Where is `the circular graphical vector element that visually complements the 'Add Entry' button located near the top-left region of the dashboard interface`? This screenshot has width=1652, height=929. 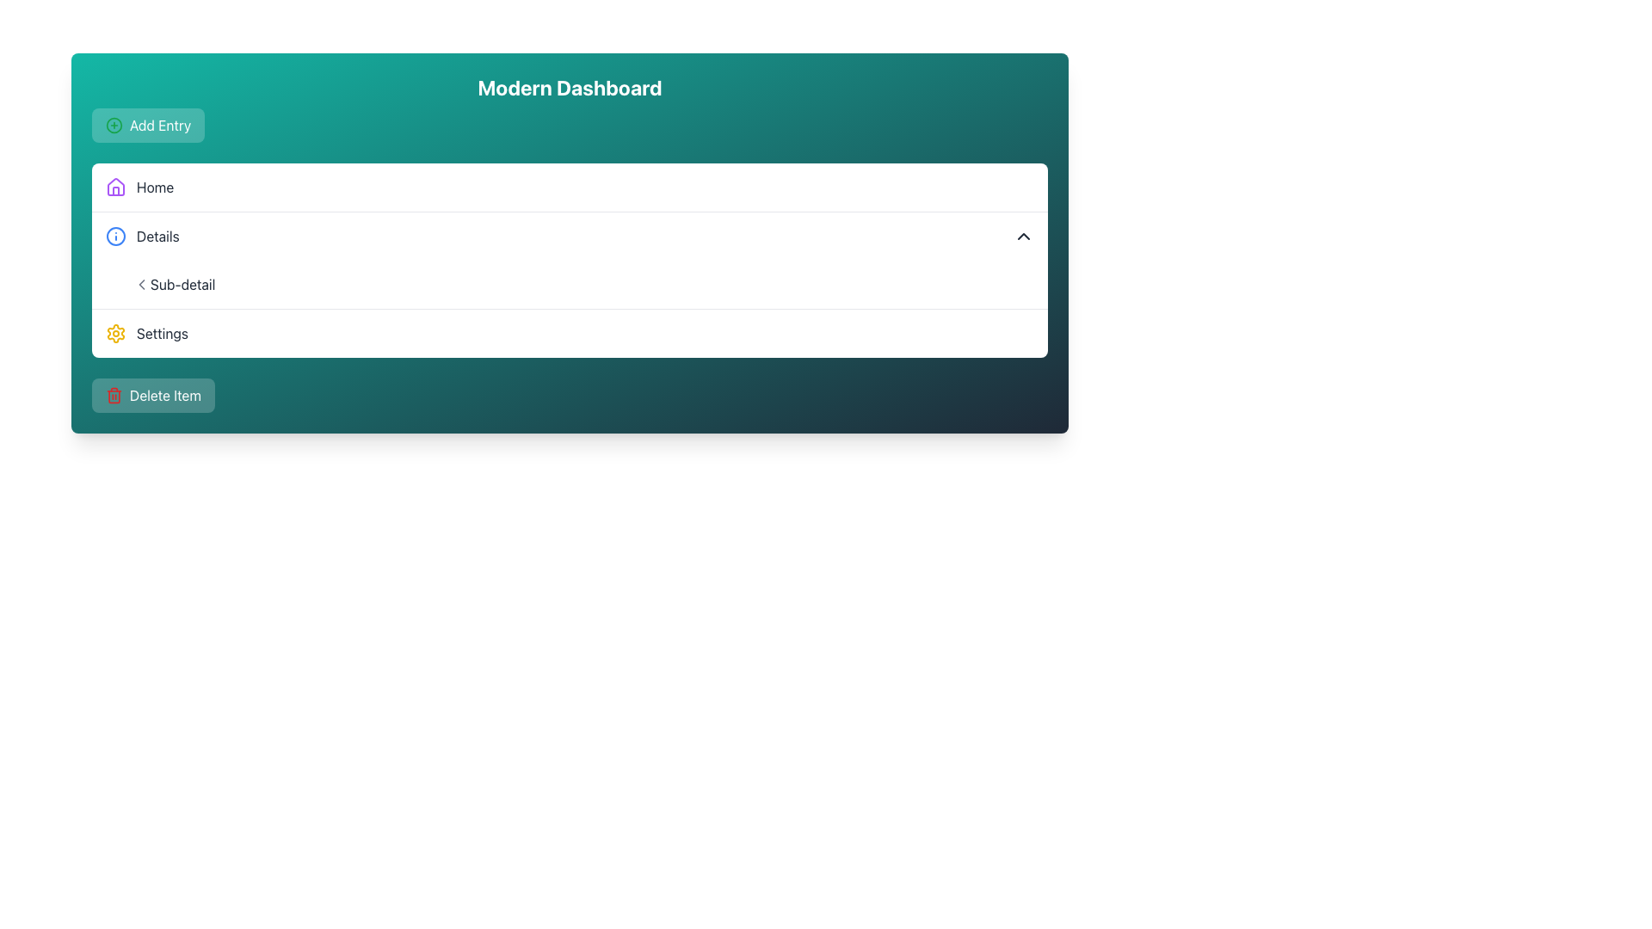 the circular graphical vector element that visually complements the 'Add Entry' button located near the top-left region of the dashboard interface is located at coordinates (114, 125).